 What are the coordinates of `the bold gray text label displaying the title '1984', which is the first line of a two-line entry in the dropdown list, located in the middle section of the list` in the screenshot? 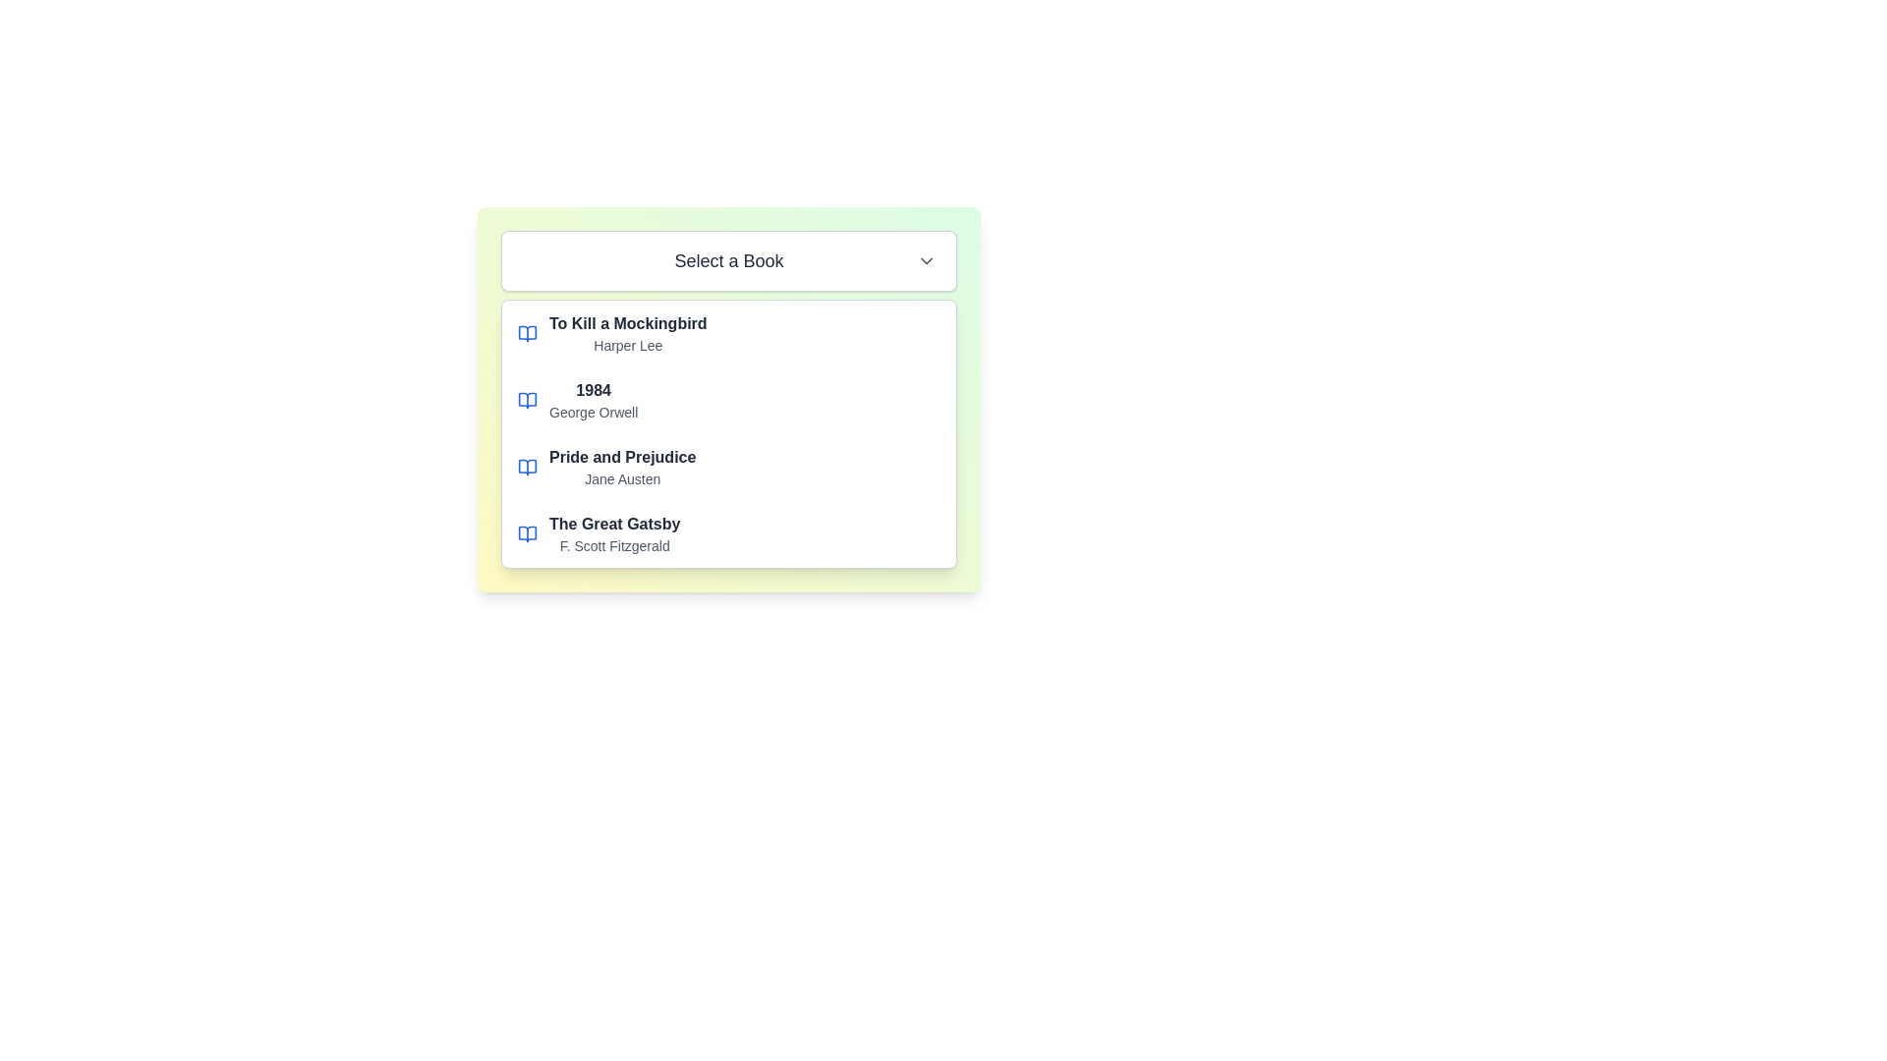 It's located at (593, 390).